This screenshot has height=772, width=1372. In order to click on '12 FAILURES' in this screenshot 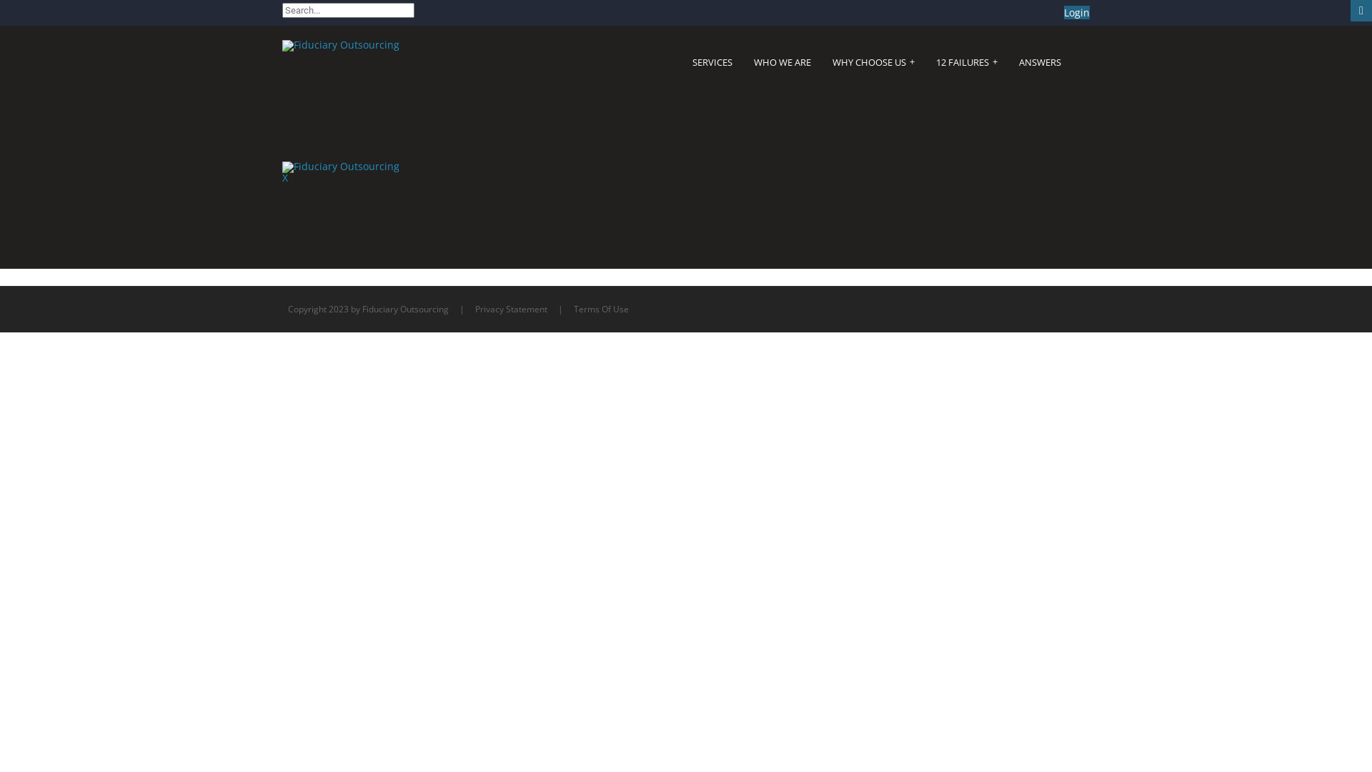, I will do `click(967, 61)`.